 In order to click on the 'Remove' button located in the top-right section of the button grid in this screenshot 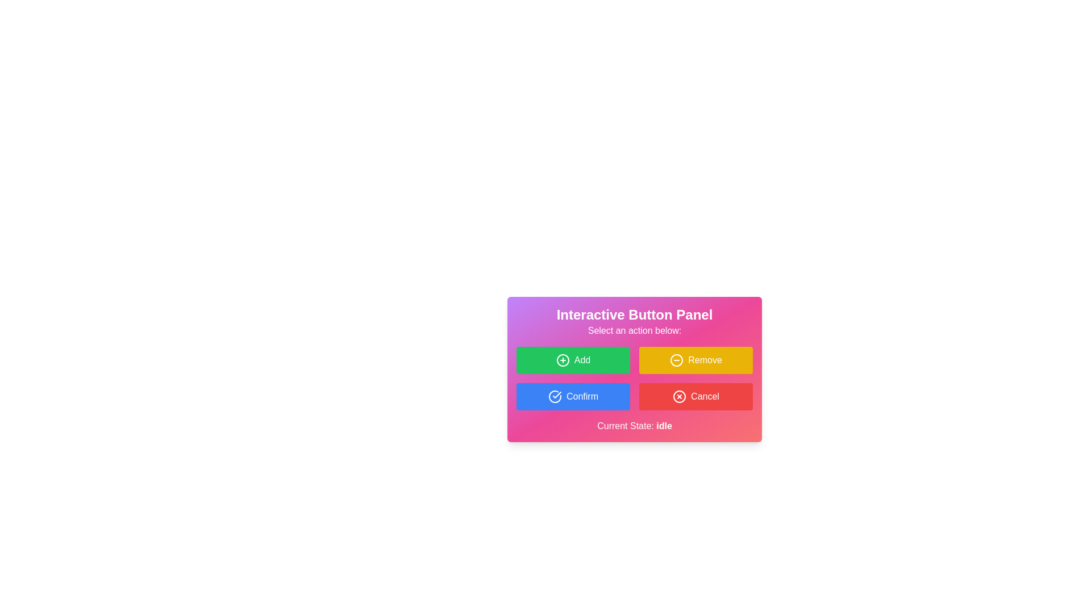, I will do `click(695, 360)`.